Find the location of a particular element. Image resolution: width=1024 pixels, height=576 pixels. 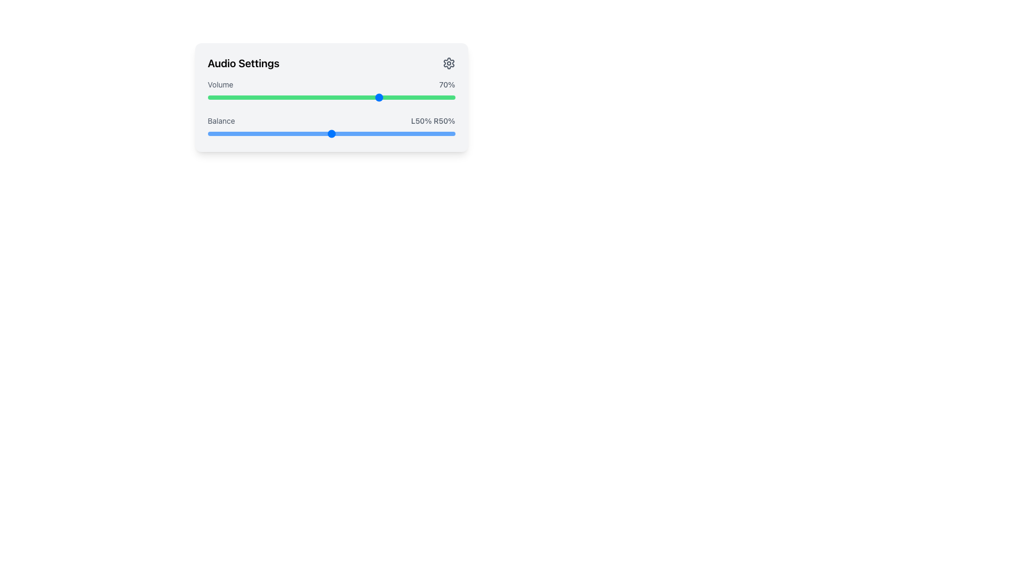

the Text Label Indicator displaying 'Balance' on the left and 'L50% R50%' on the right, which is horizontally centered above a slider control is located at coordinates (331, 121).